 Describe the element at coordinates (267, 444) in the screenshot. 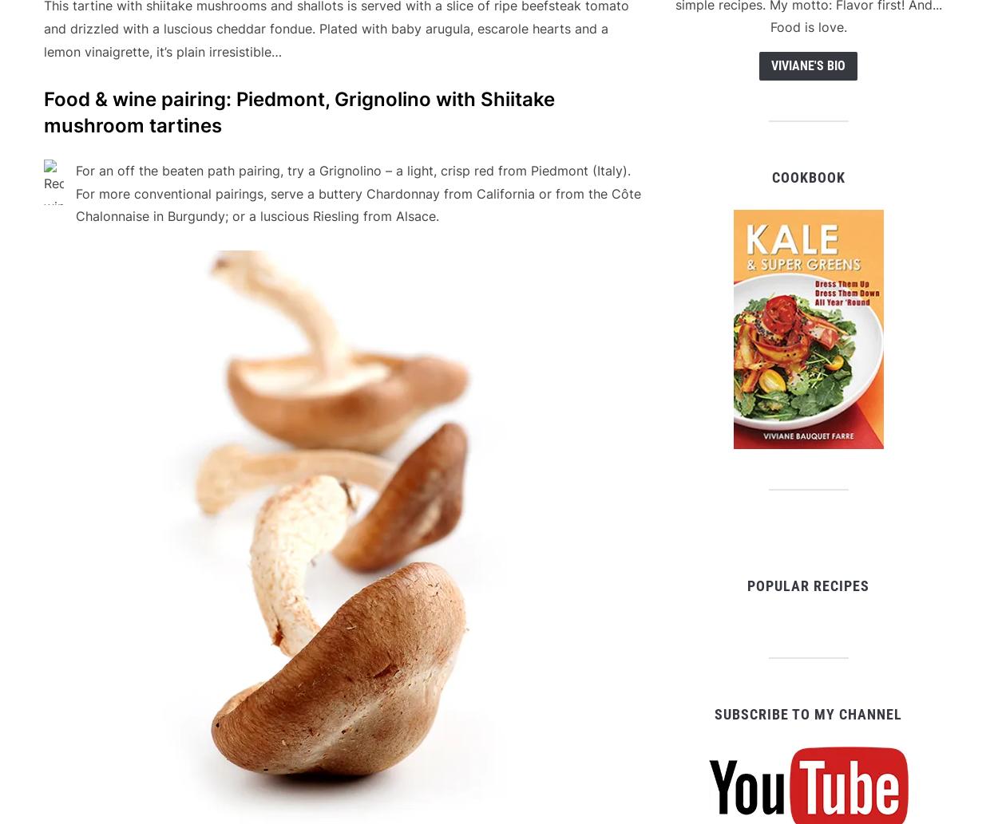

I see `'Save my name, email, and website in this browser for the next time I comment.'` at that location.